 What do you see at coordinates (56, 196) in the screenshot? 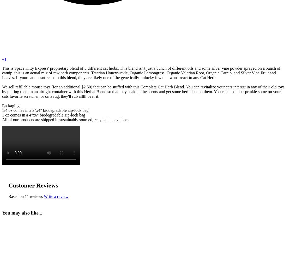
I see `'Write a review'` at bounding box center [56, 196].